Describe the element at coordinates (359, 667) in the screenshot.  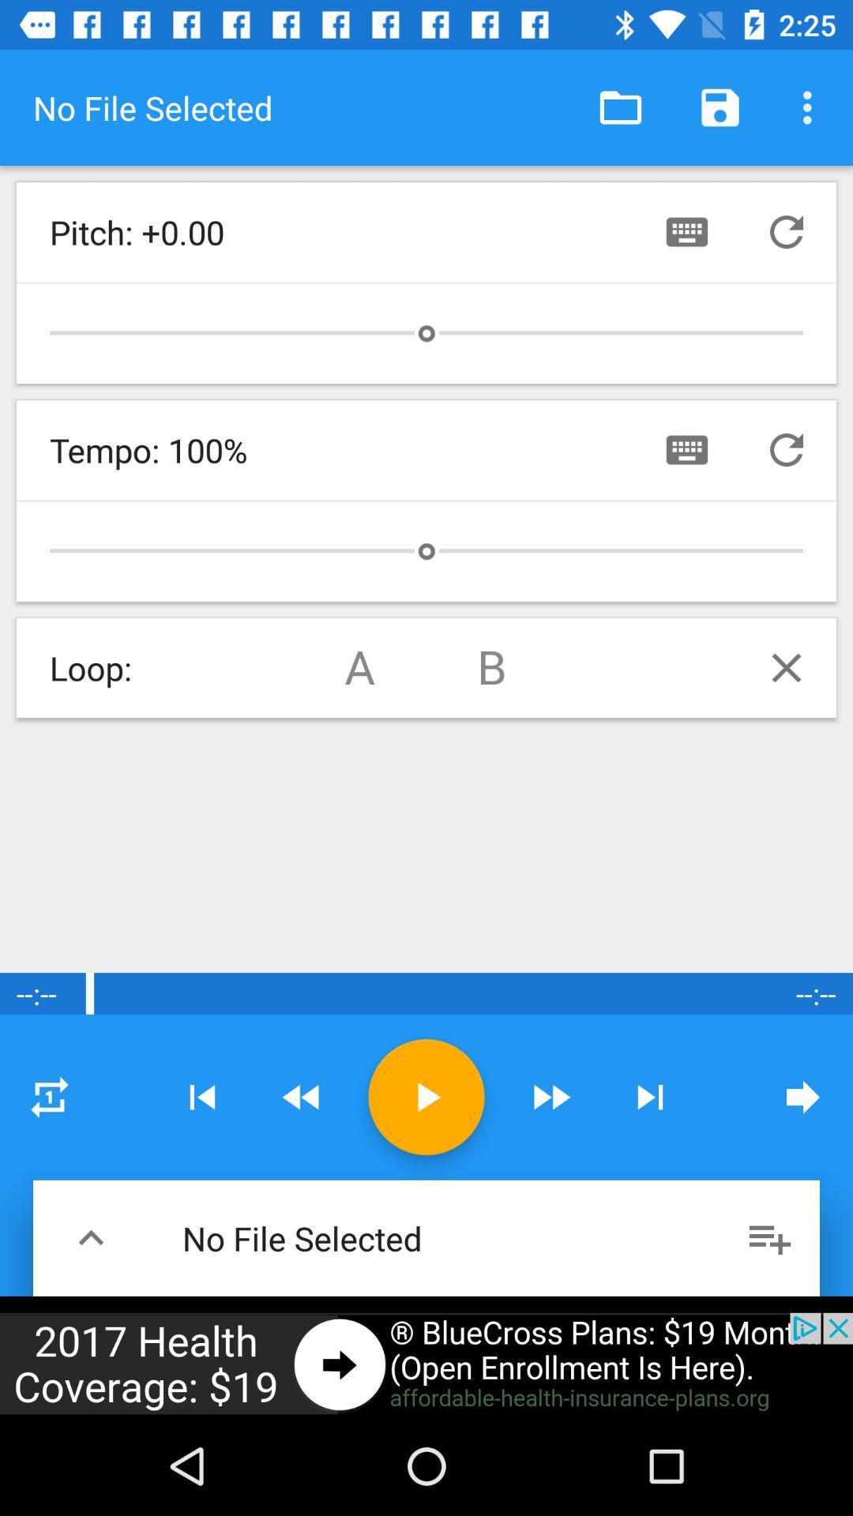
I see `loop a` at that location.